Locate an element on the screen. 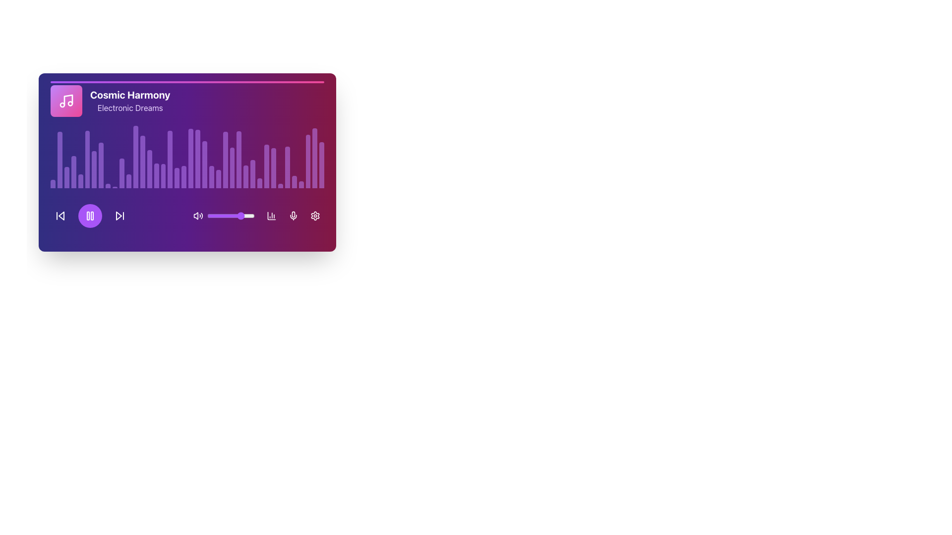 The image size is (952, 535). the 'skip forward' button with a purple background and white iconography, located towards the bottom center of the interface after the 'play/pause' button, to skip to the next track is located at coordinates (119, 215).